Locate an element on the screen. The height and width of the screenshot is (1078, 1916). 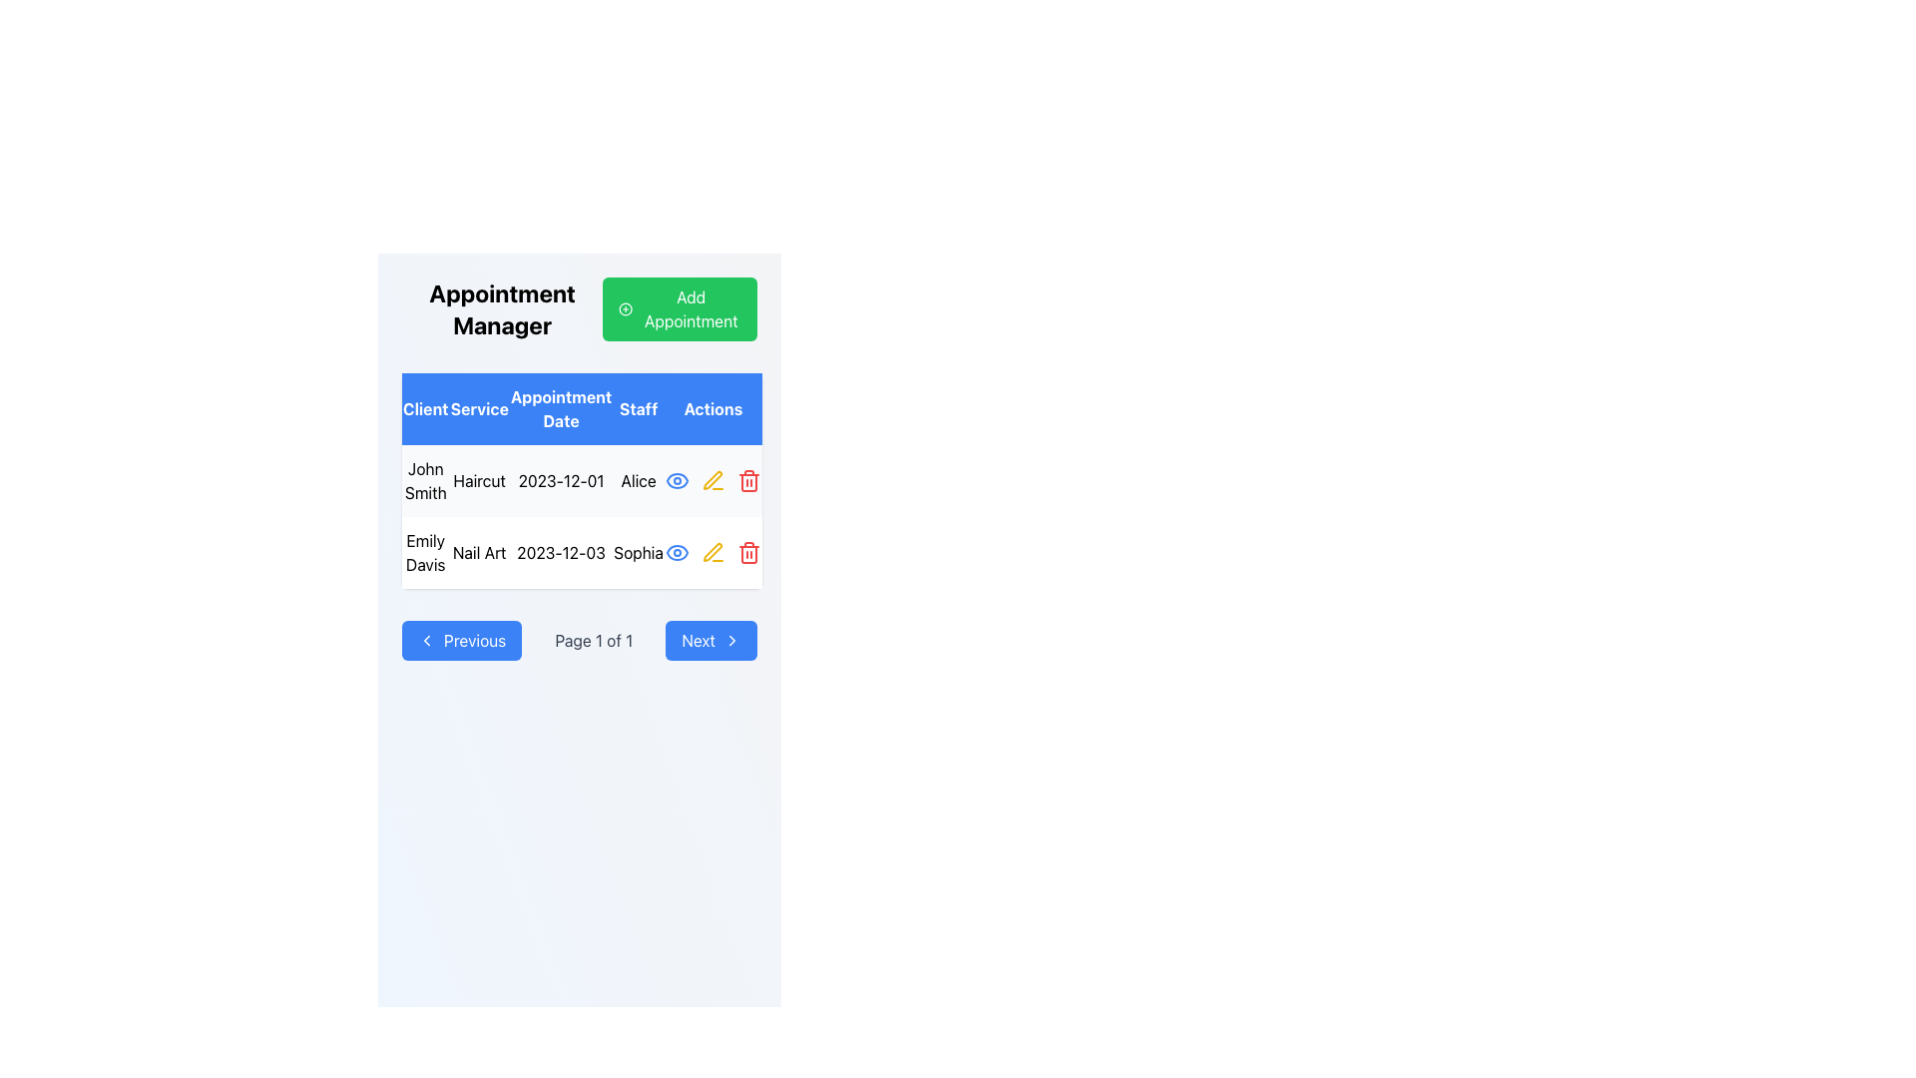
the text label displaying 'Alice' under the 'Staff' column in the tabular structure for the client 'John Smith' and service 'Haircut' is located at coordinates (639, 481).